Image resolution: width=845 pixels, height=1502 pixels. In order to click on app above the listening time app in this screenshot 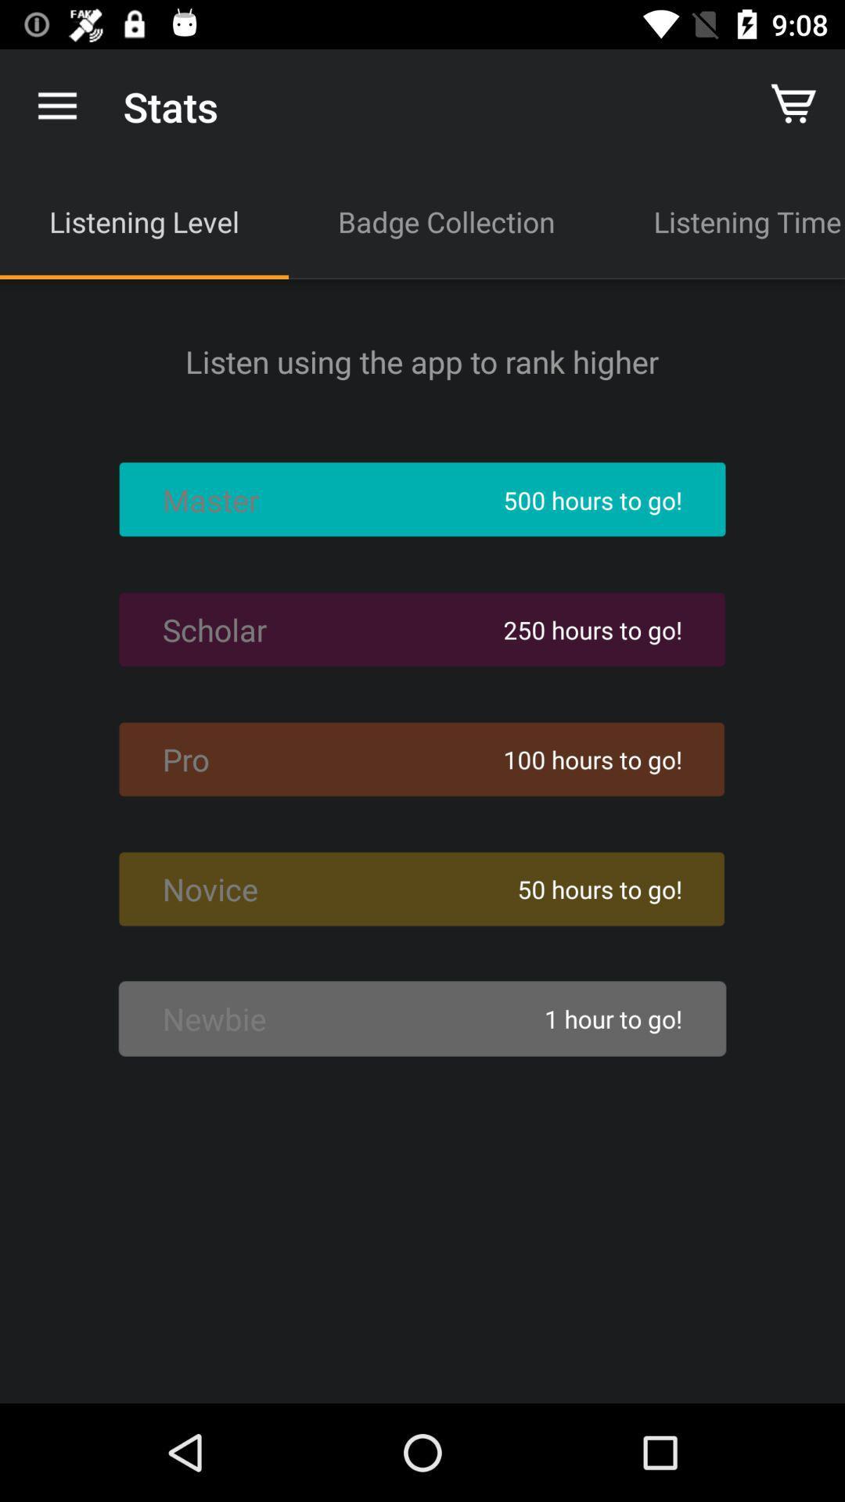, I will do `click(796, 106)`.